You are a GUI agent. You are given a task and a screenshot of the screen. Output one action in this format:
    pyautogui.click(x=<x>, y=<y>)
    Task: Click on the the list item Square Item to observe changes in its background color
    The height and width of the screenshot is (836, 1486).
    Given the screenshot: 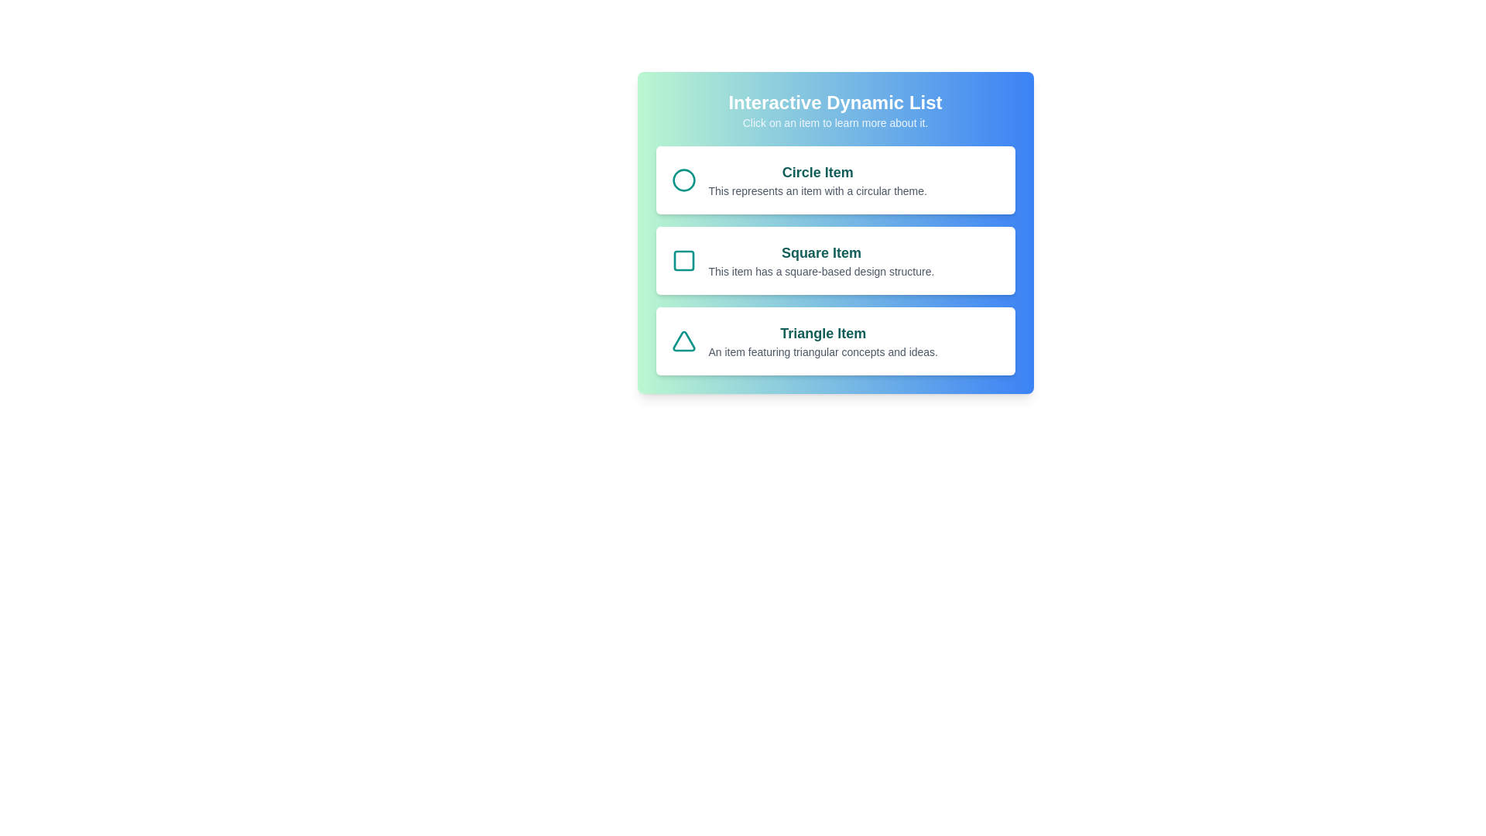 What is the action you would take?
    pyautogui.click(x=834, y=259)
    